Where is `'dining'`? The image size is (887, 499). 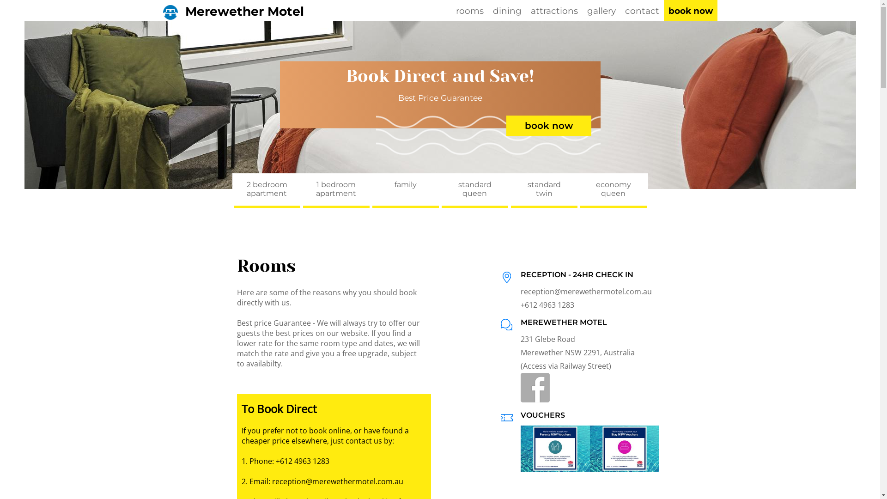
'dining' is located at coordinates (506, 11).